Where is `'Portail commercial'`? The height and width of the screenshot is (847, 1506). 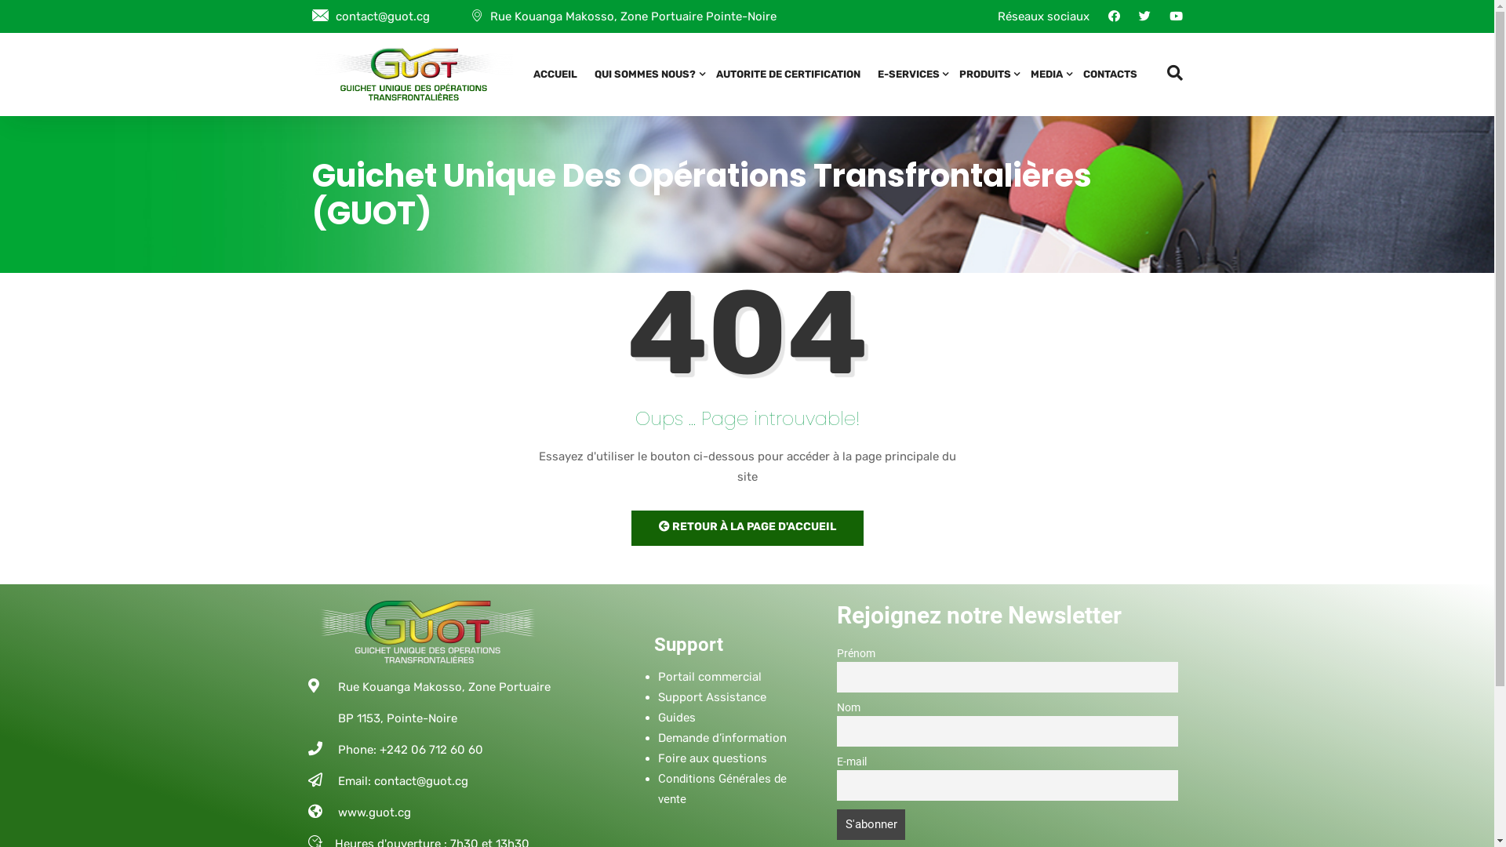 'Portail commercial' is located at coordinates (708, 676).